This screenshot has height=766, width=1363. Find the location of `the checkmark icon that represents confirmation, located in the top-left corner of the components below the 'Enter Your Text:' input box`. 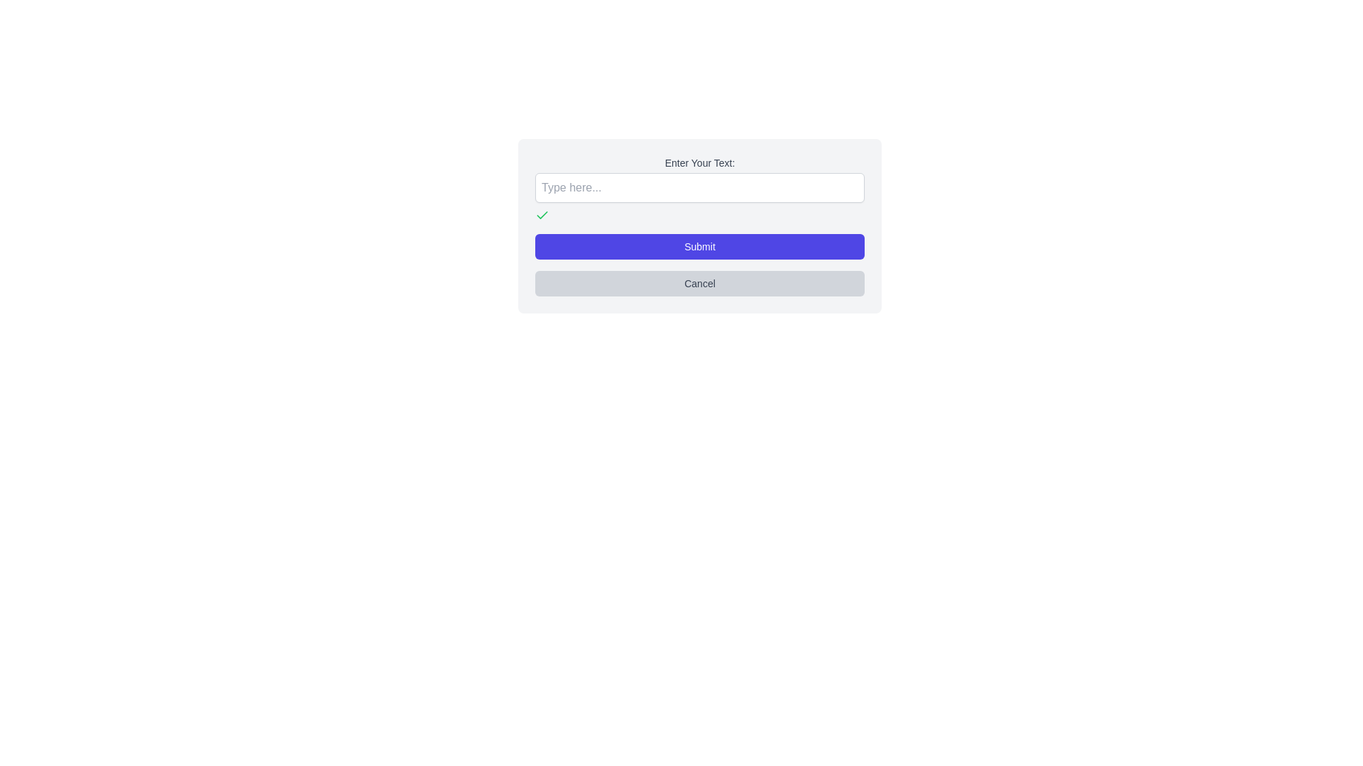

the checkmark icon that represents confirmation, located in the top-left corner of the components below the 'Enter Your Text:' input box is located at coordinates (541, 216).